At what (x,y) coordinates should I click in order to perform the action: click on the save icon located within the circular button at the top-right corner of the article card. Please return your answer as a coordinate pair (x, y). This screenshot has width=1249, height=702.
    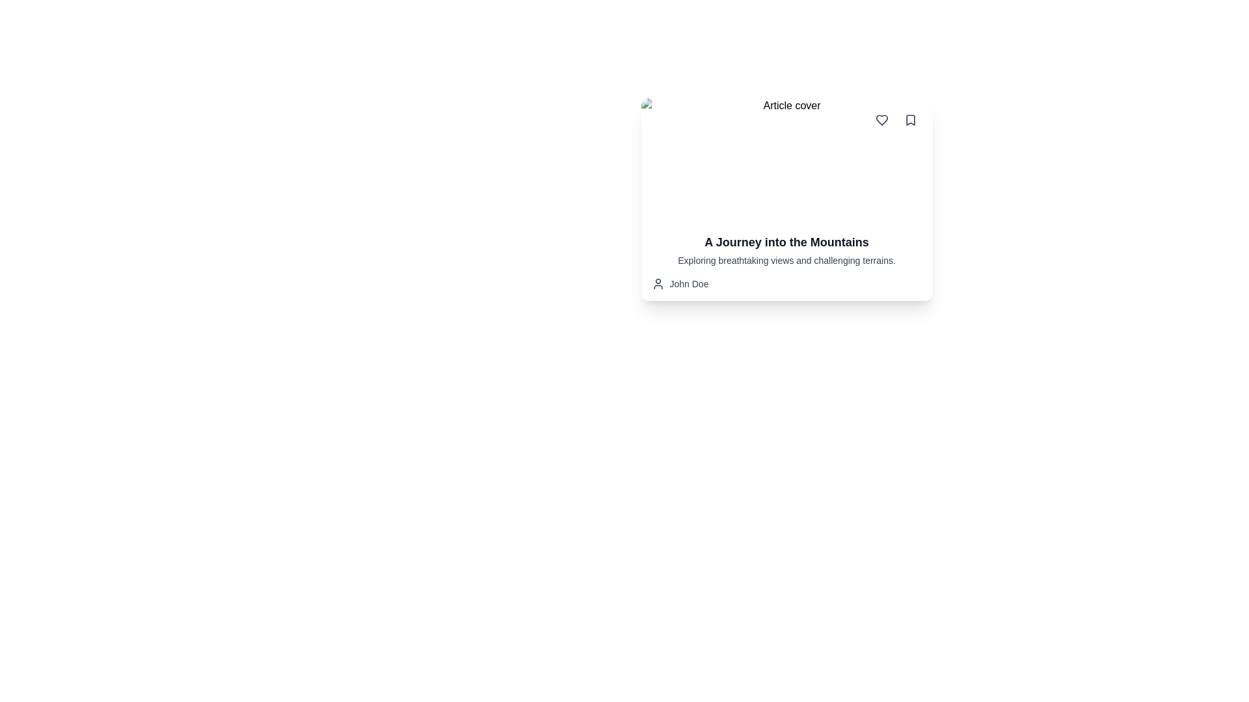
    Looking at the image, I should click on (909, 120).